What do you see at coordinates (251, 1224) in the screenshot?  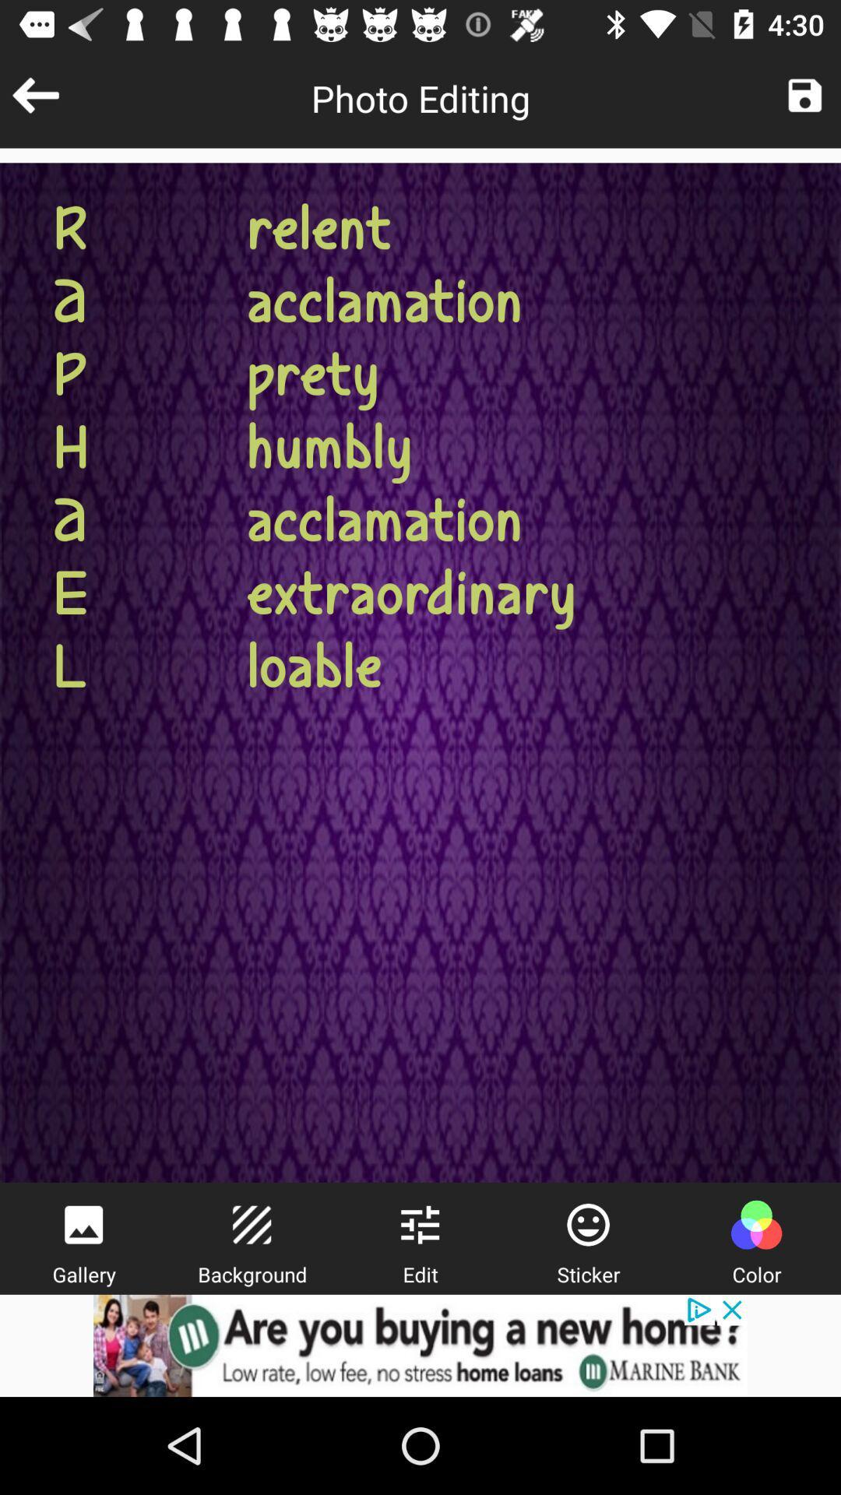 I see `the attach_file icon` at bounding box center [251, 1224].